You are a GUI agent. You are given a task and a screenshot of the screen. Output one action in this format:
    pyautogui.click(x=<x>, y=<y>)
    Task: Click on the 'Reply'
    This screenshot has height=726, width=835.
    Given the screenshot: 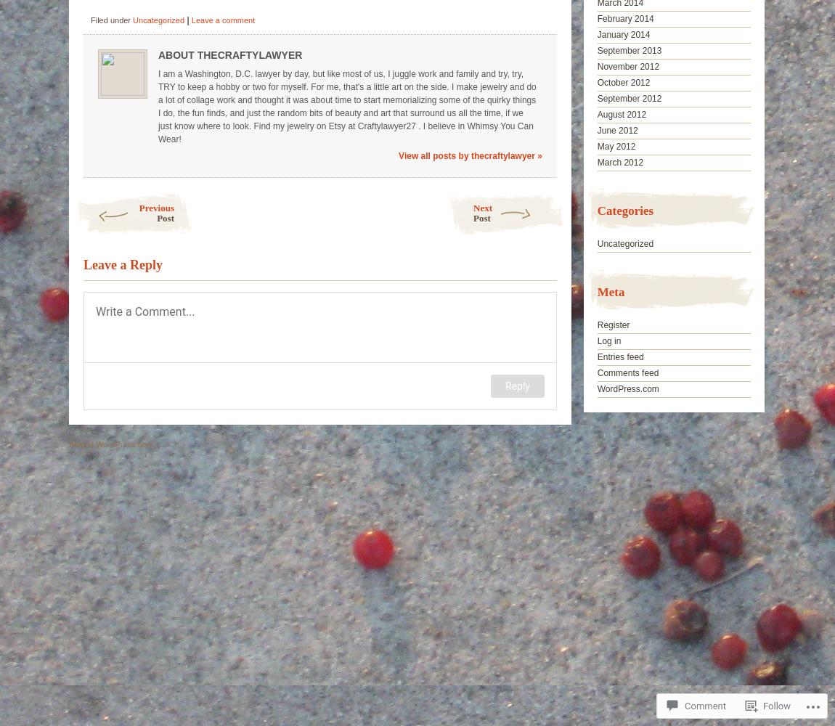 What is the action you would take?
    pyautogui.click(x=504, y=386)
    